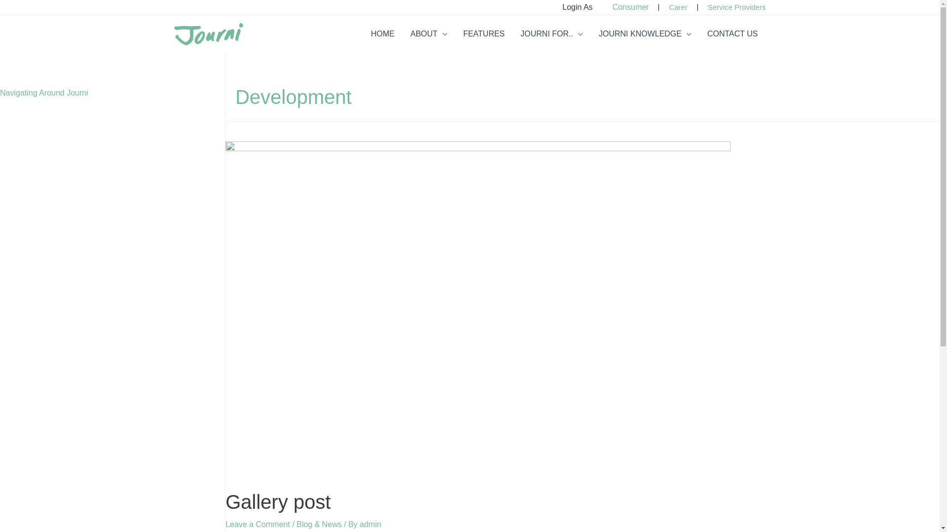  Describe the element at coordinates (369, 524) in the screenshot. I see `'admin'` at that location.